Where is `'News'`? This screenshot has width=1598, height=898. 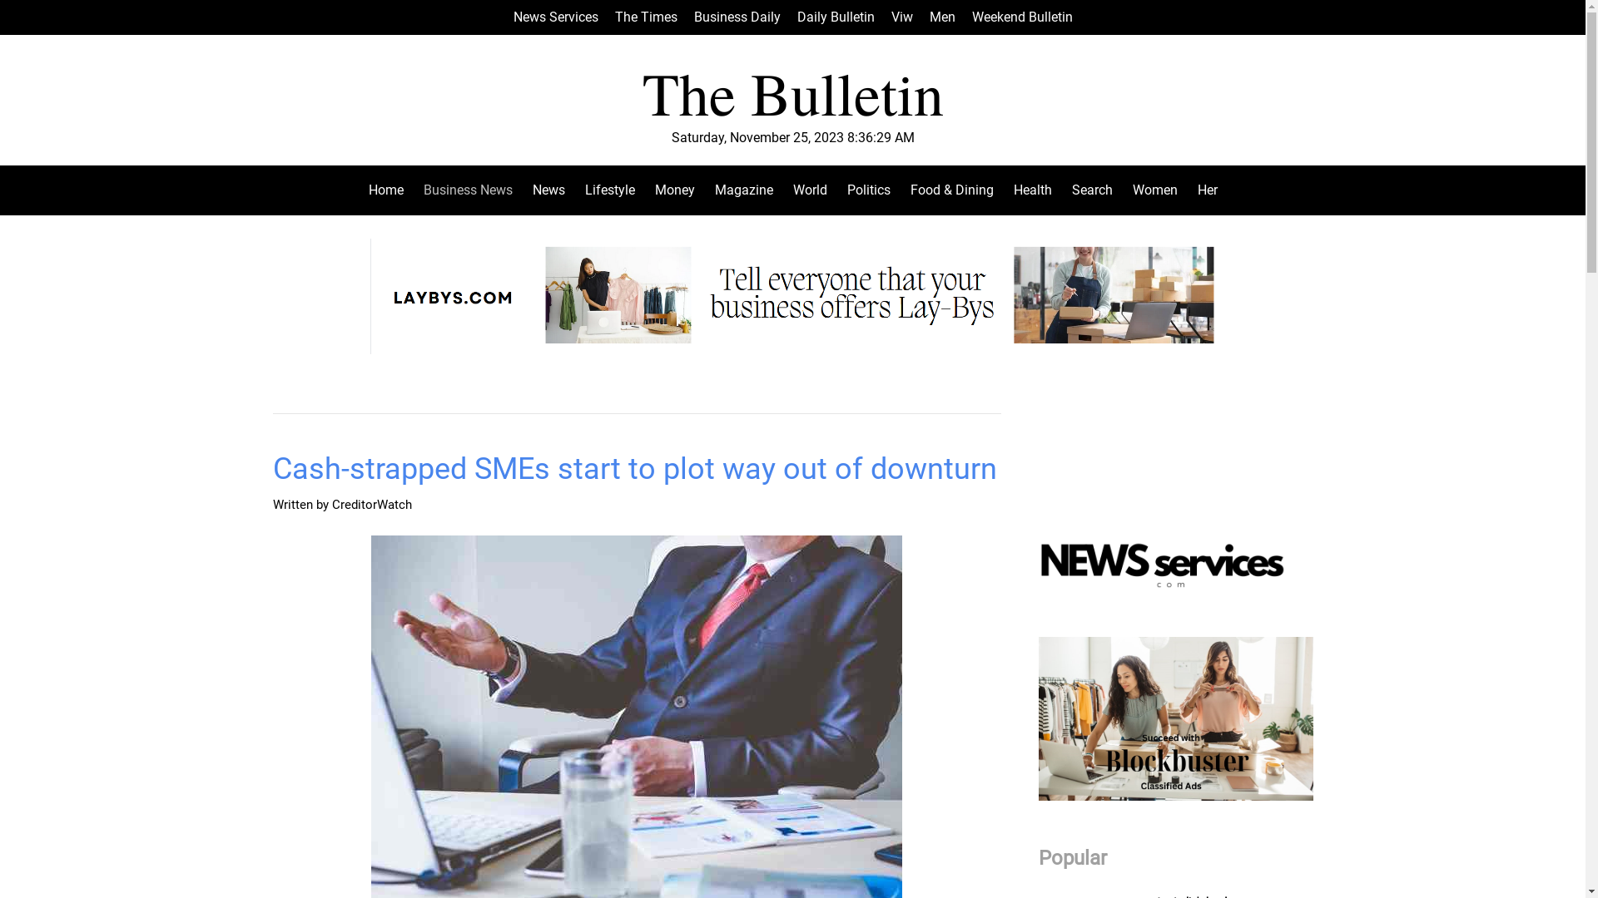 'News' is located at coordinates (522, 189).